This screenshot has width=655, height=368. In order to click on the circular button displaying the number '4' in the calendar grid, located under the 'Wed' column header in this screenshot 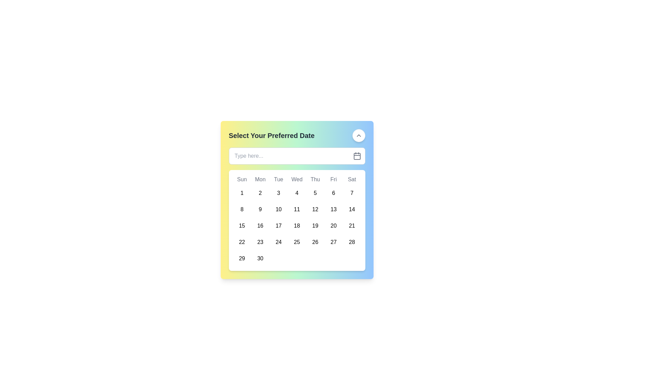, I will do `click(297, 193)`.